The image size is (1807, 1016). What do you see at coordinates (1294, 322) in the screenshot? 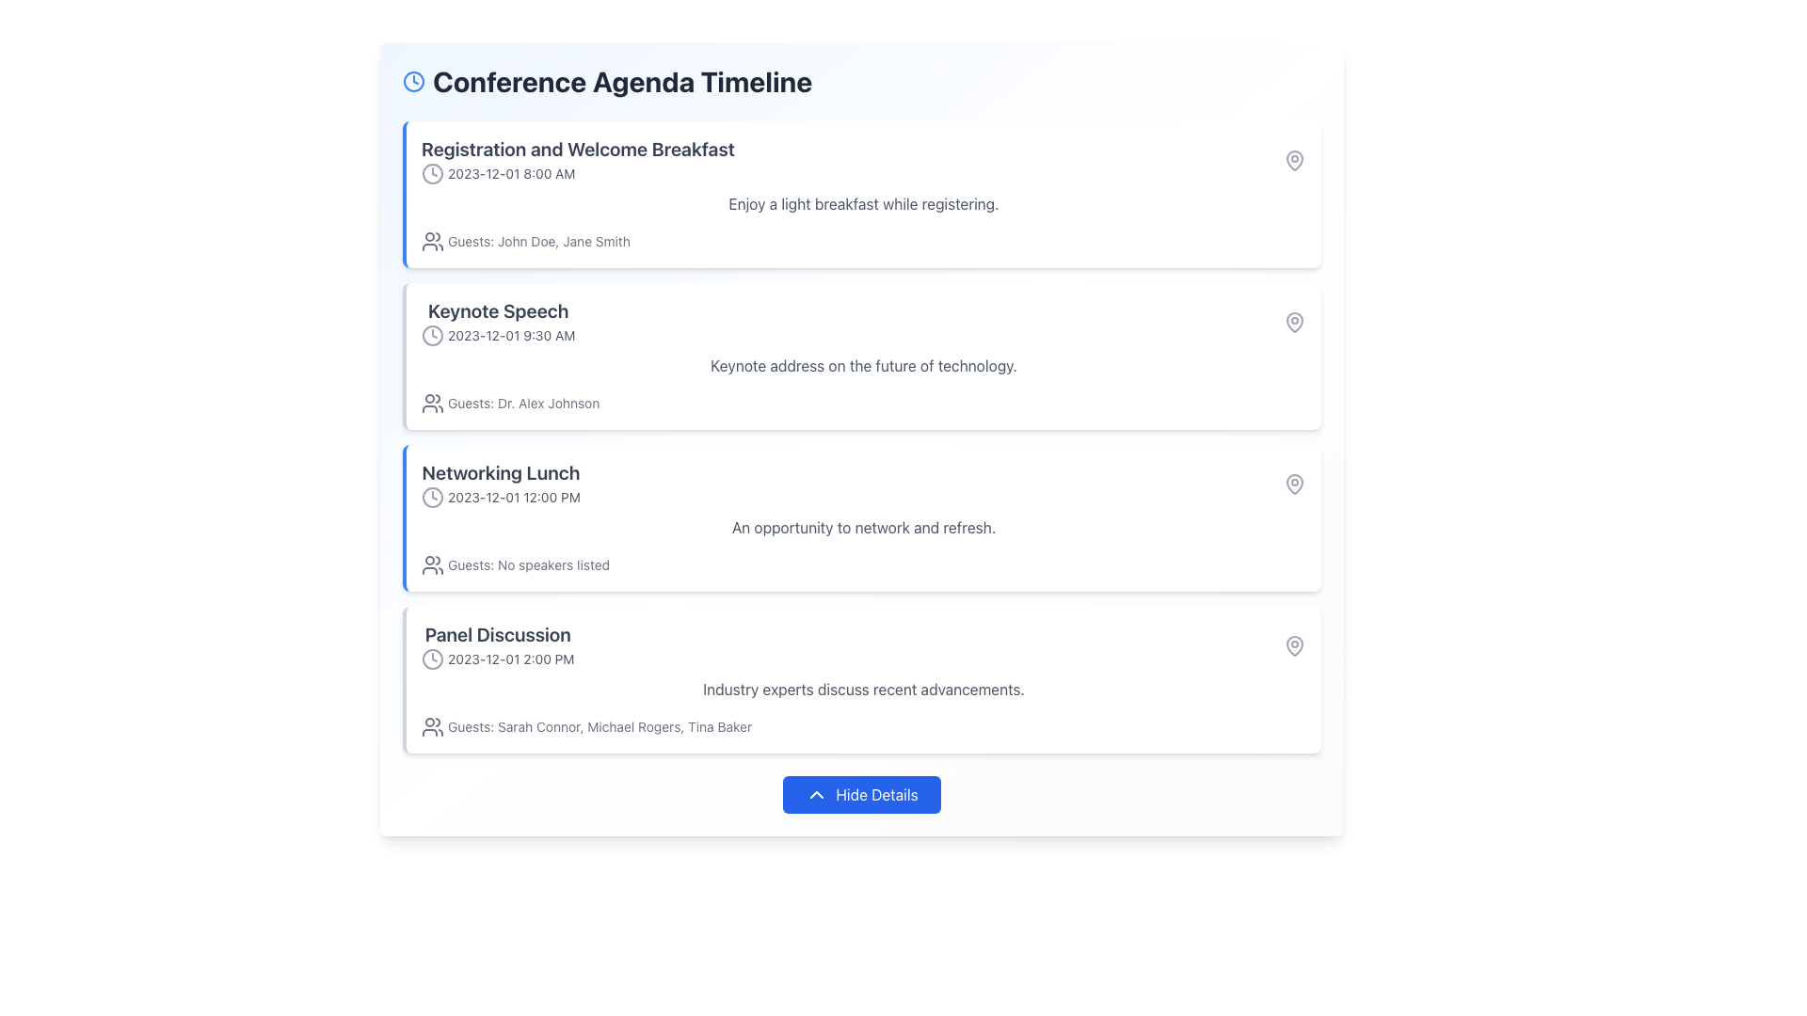
I see `the Map Pin icon indicating the location for the 'Keynote Speech' event` at bounding box center [1294, 322].